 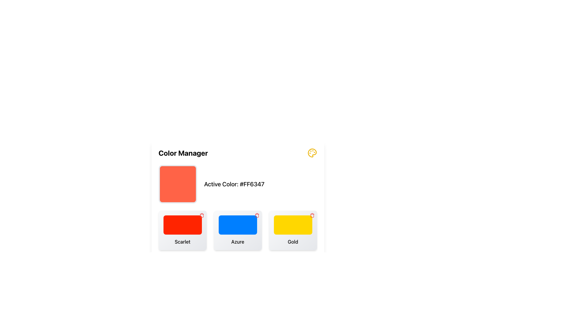 What do you see at coordinates (257, 215) in the screenshot?
I see `the red trash icon button located in the top-right corner of the 'Azure' card to initiate a delete action` at bounding box center [257, 215].